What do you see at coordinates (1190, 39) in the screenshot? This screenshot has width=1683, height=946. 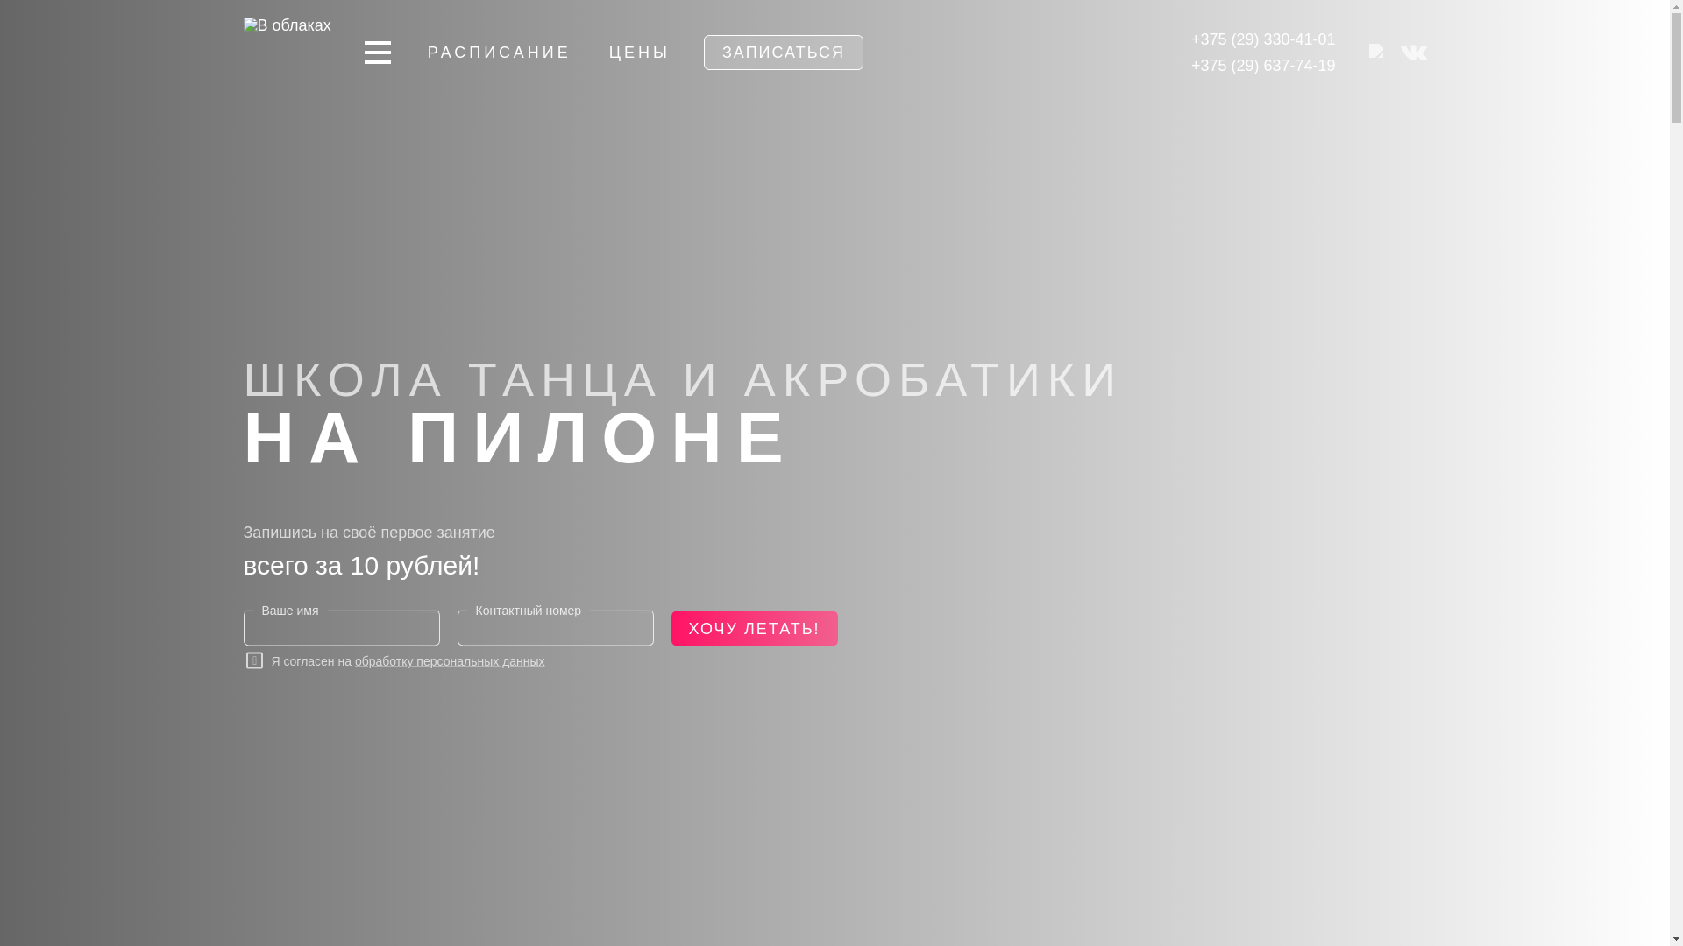 I see `'+375 (29) 330-41-01'` at bounding box center [1190, 39].